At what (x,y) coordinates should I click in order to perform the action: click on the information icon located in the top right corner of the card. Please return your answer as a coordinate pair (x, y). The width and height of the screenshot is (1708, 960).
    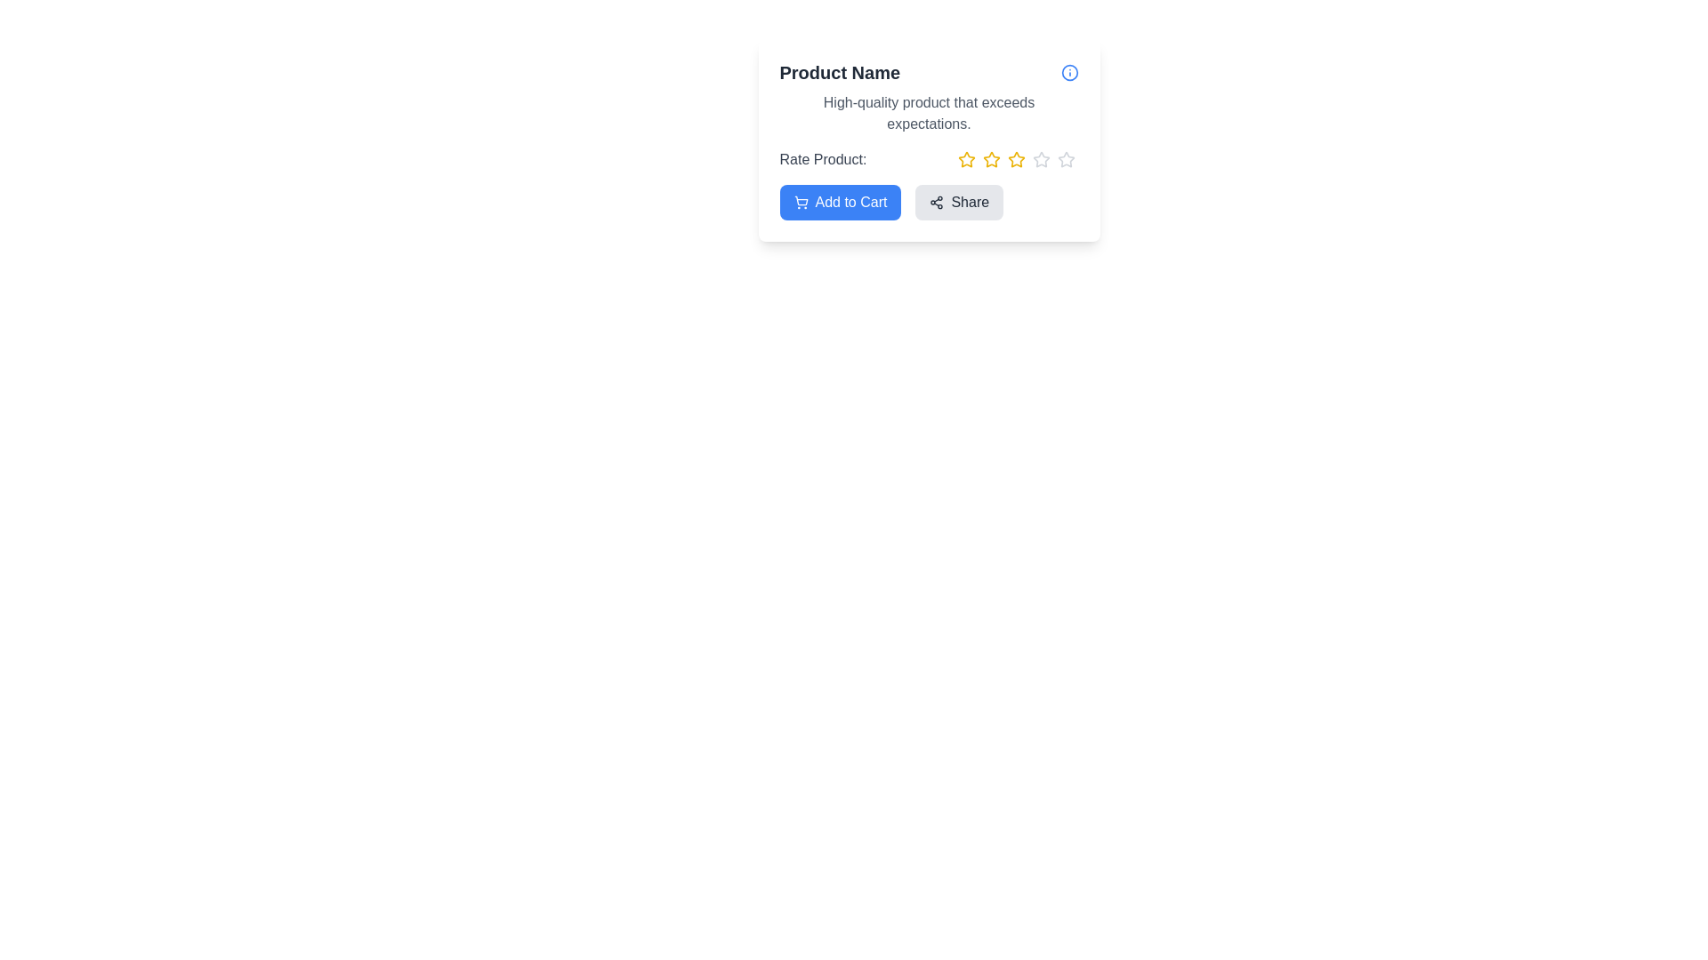
    Looking at the image, I should click on (1068, 71).